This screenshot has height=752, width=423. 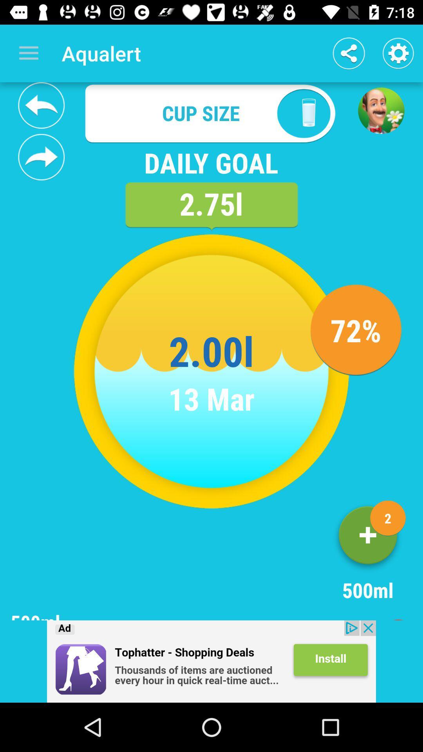 I want to click on advertisement, so click(x=211, y=661).